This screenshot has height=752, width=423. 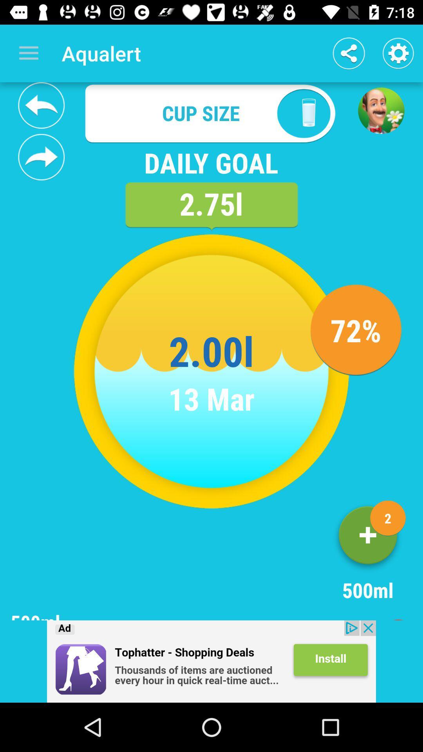 I want to click on advertisement, so click(x=211, y=661).